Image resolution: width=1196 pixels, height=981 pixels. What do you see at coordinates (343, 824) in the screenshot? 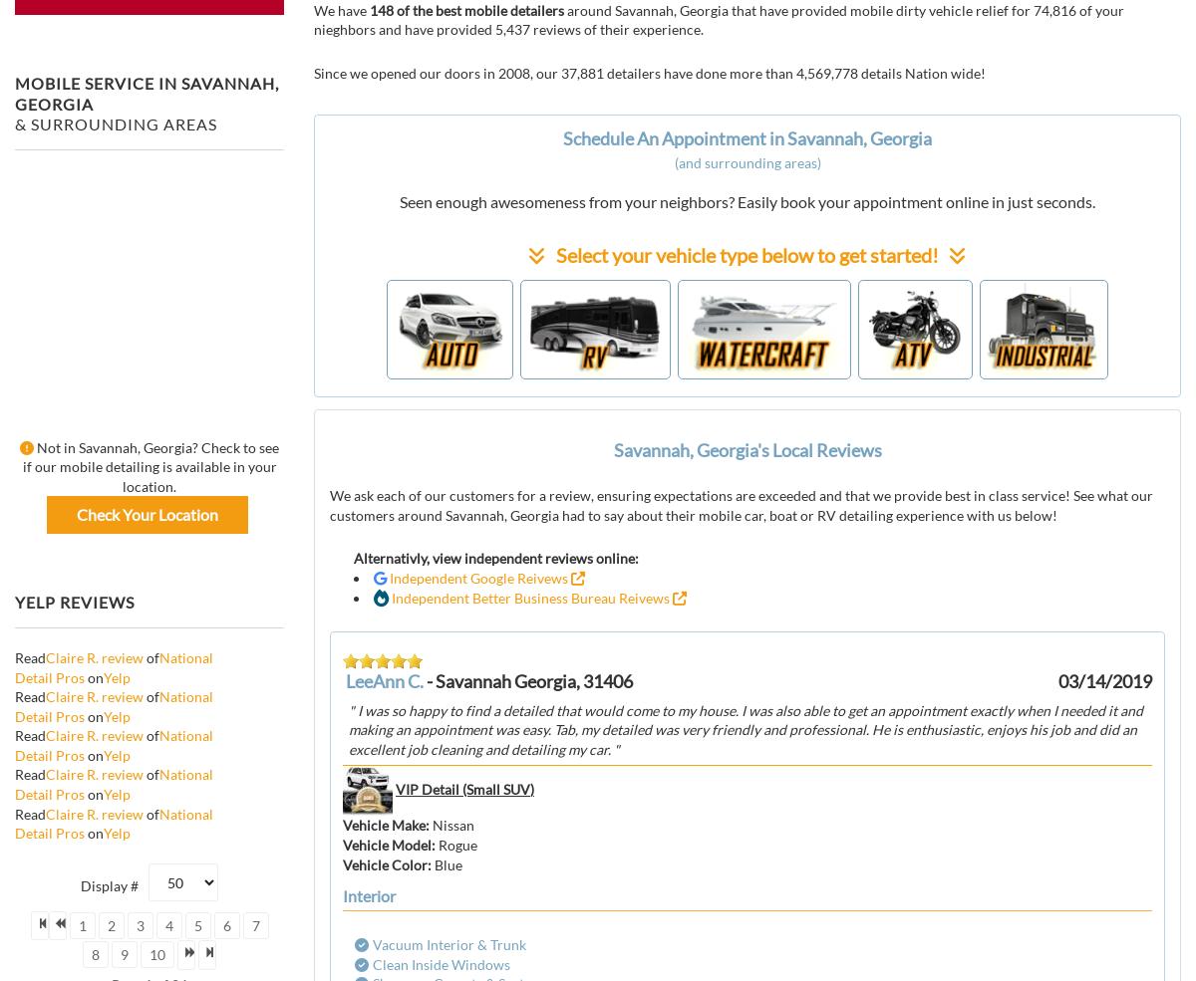
I see `'Vehicle Make'` at bounding box center [343, 824].